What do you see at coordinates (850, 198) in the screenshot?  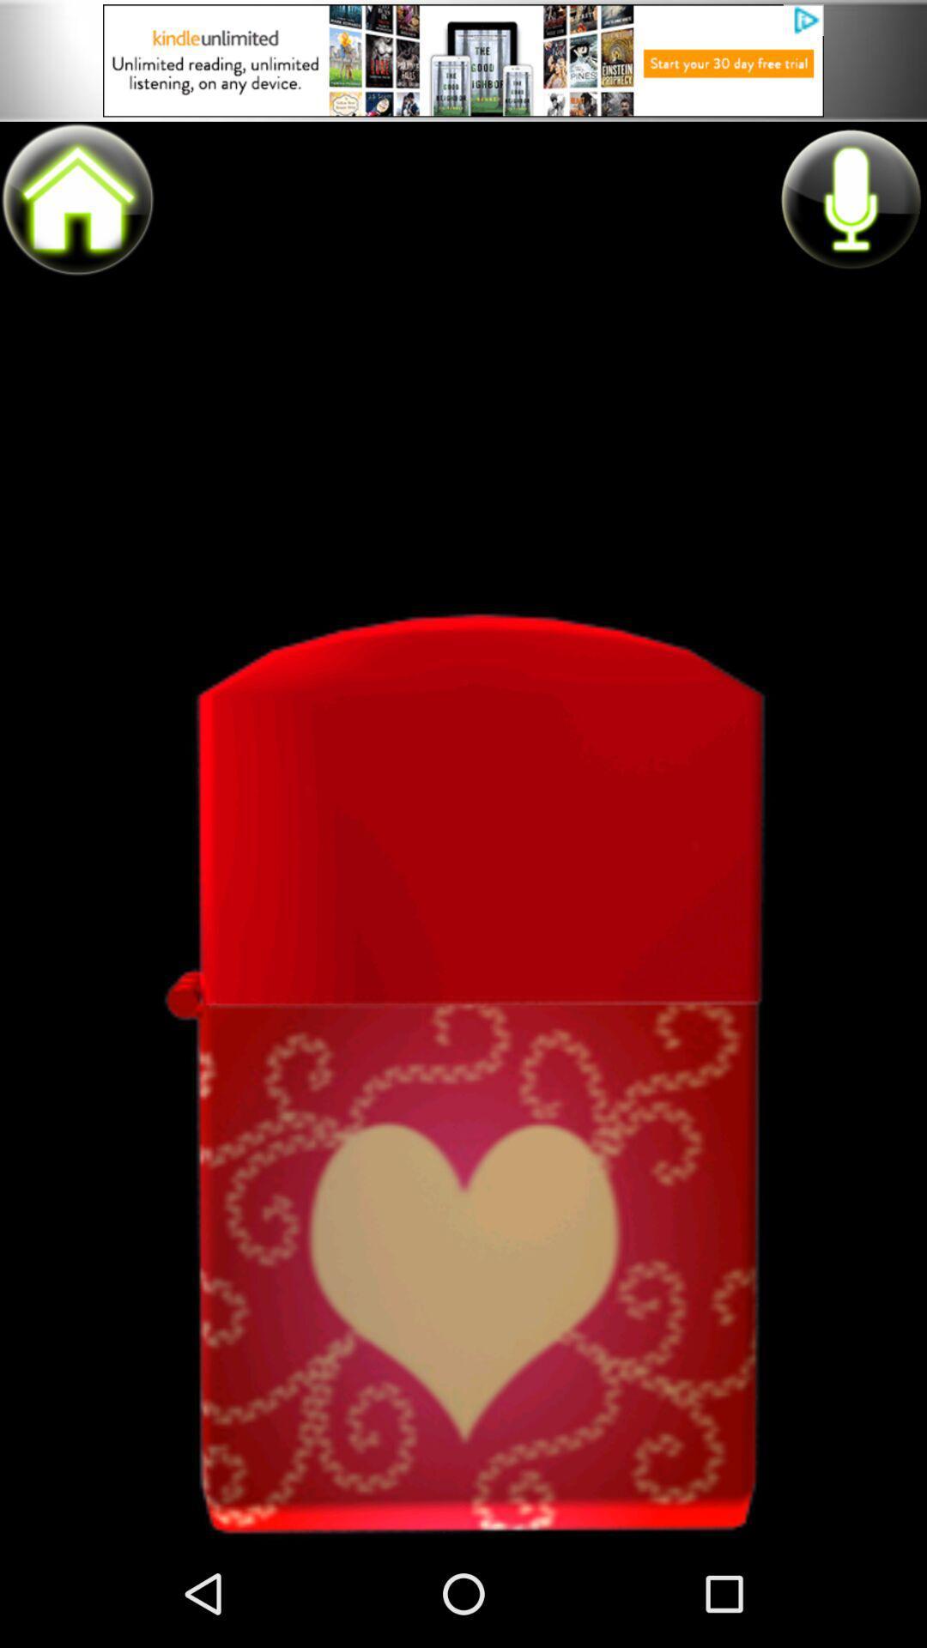 I see `record button` at bounding box center [850, 198].